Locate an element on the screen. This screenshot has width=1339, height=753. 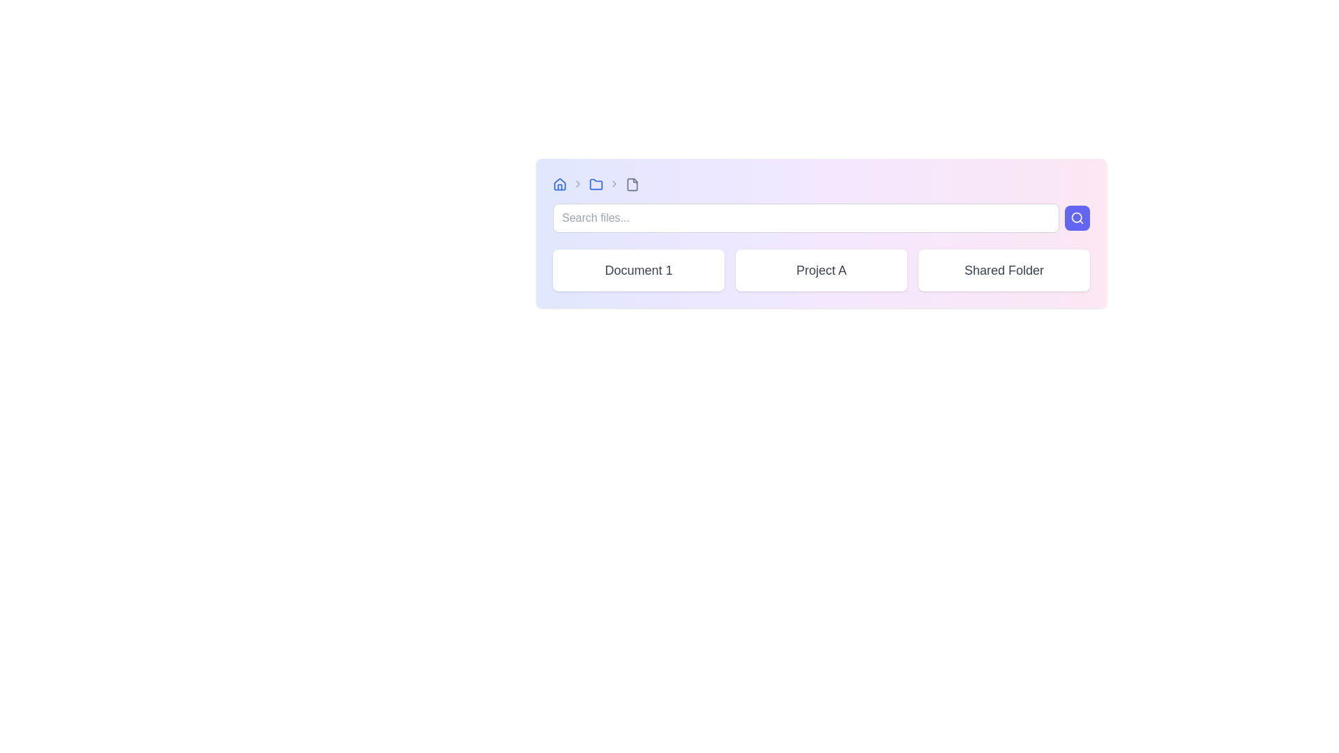
the 'Shared Folder' text label, which is a medium-sized, gray font label located to the right of 'Project A' in the far-right section of the interface is located at coordinates (1004, 271).